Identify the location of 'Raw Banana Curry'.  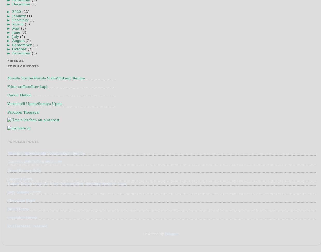
(24, 192).